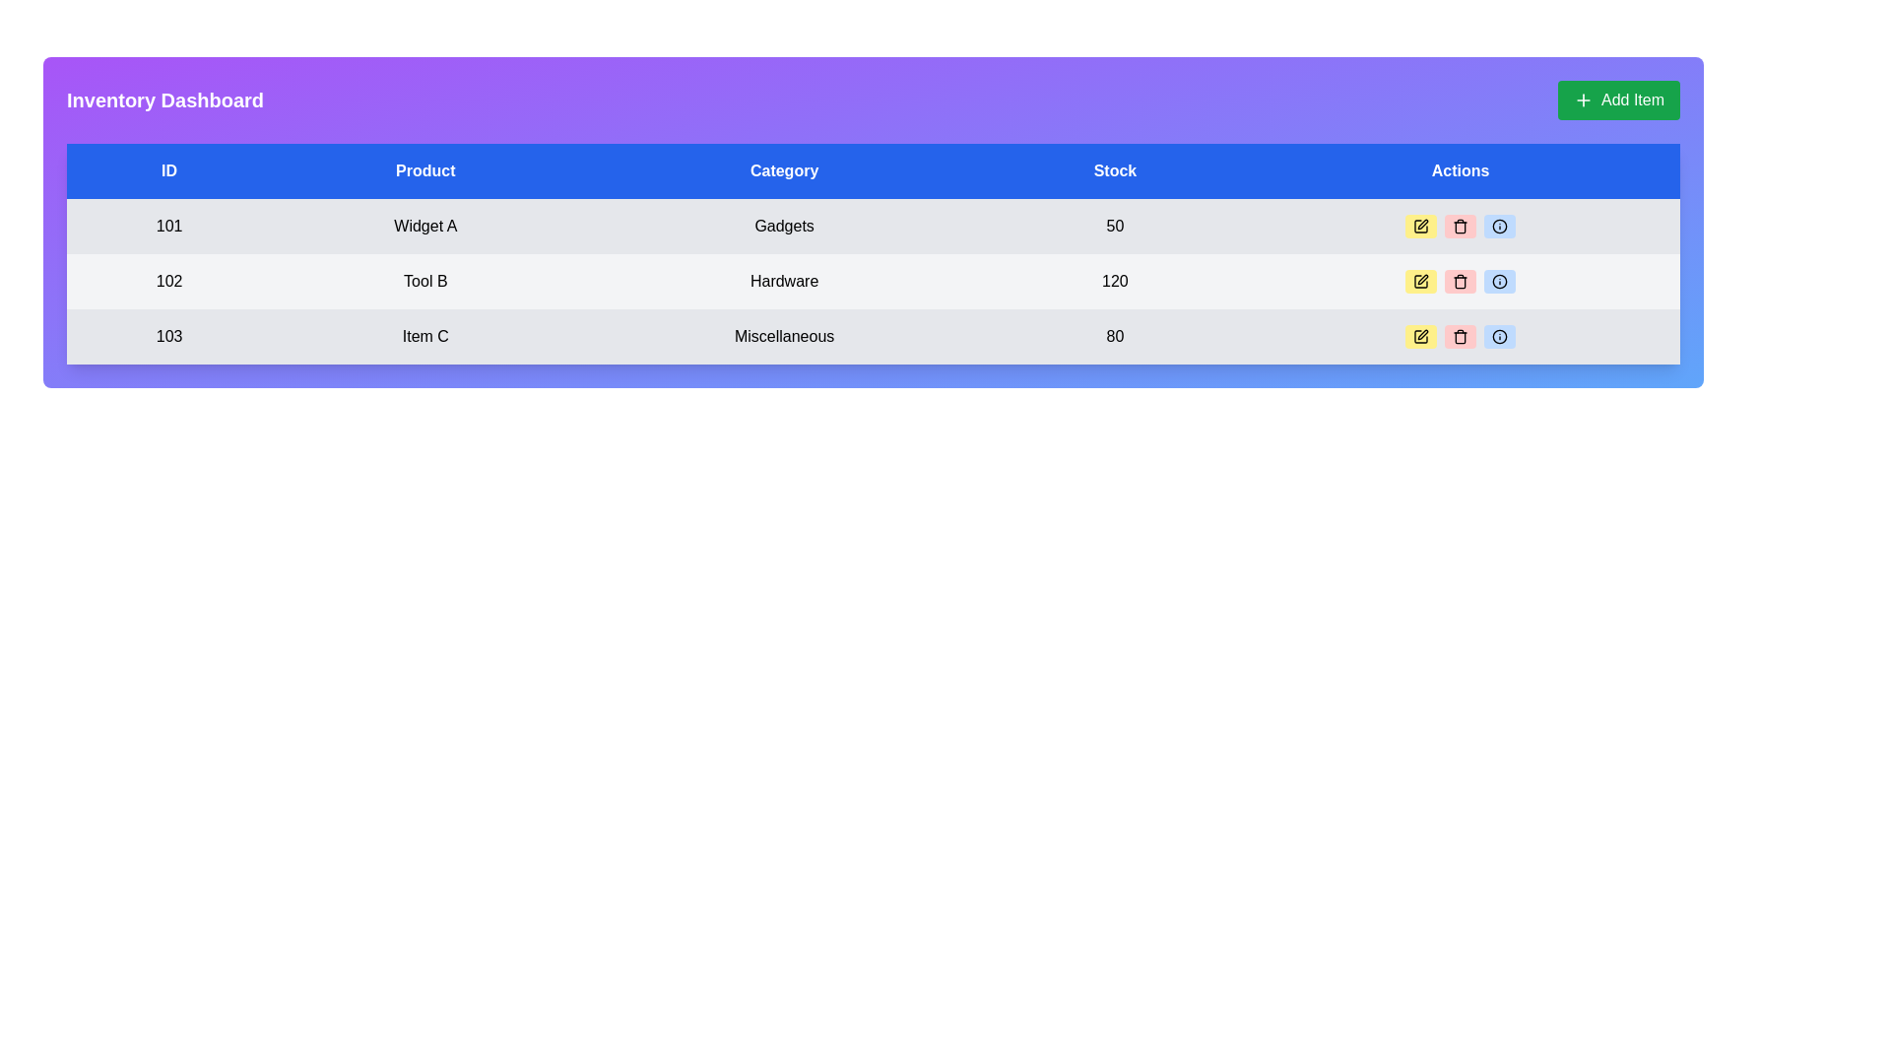 The width and height of the screenshot is (1891, 1064). What do you see at coordinates (1498, 281) in the screenshot?
I see `the blue information icon in the 'Actions' column of the third row of the table` at bounding box center [1498, 281].